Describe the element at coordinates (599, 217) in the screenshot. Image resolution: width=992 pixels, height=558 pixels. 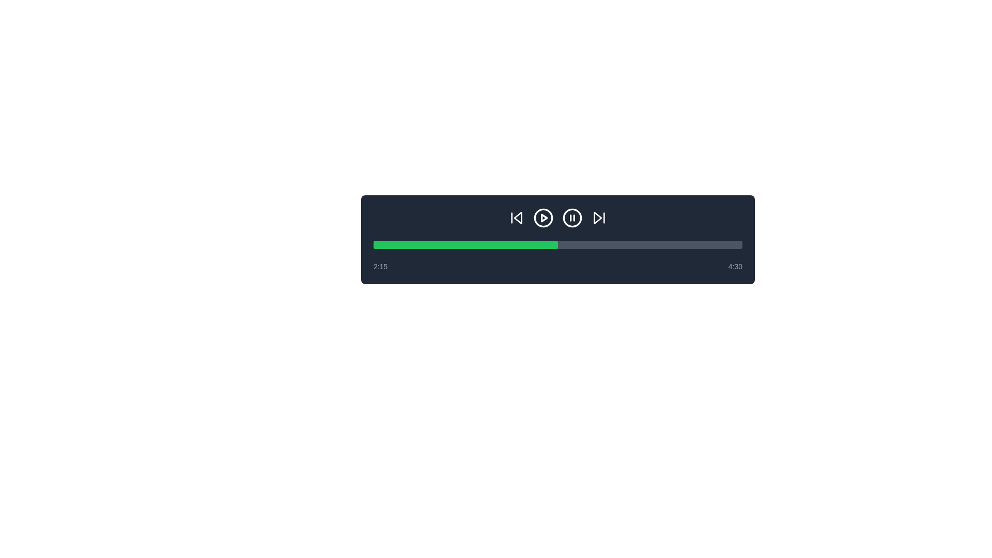
I see `the 'Skip Forward' button, which is a white triangular play symbol with a vertical line on its right, located at the rightmost position of the media control panel` at that location.